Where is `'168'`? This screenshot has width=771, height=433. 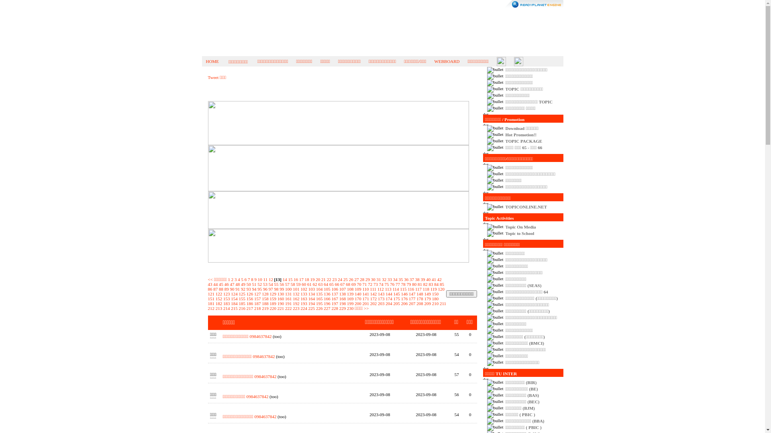
'168' is located at coordinates (339, 298).